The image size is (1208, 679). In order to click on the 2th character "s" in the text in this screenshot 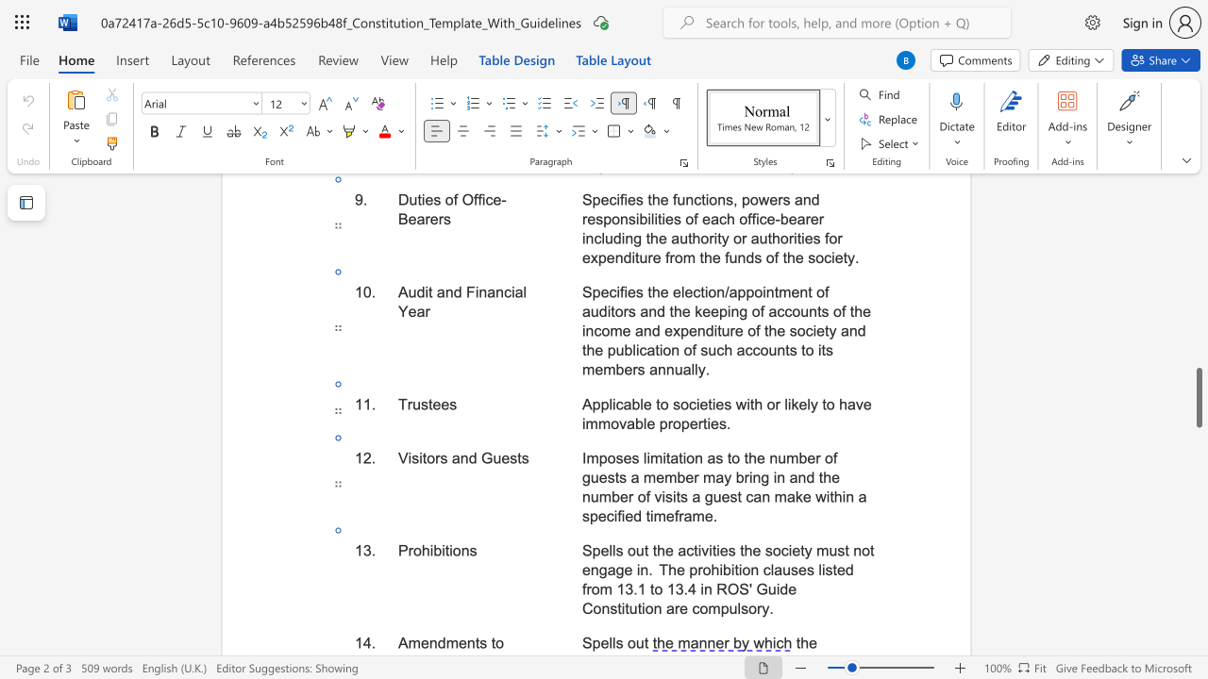, I will do `click(443, 458)`.